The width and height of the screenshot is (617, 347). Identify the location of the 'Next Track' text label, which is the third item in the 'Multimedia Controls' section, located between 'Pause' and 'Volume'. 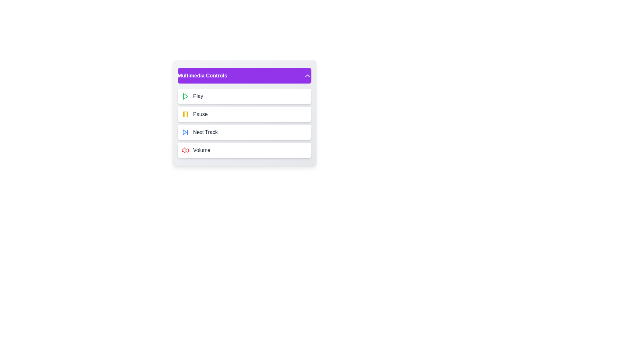
(205, 132).